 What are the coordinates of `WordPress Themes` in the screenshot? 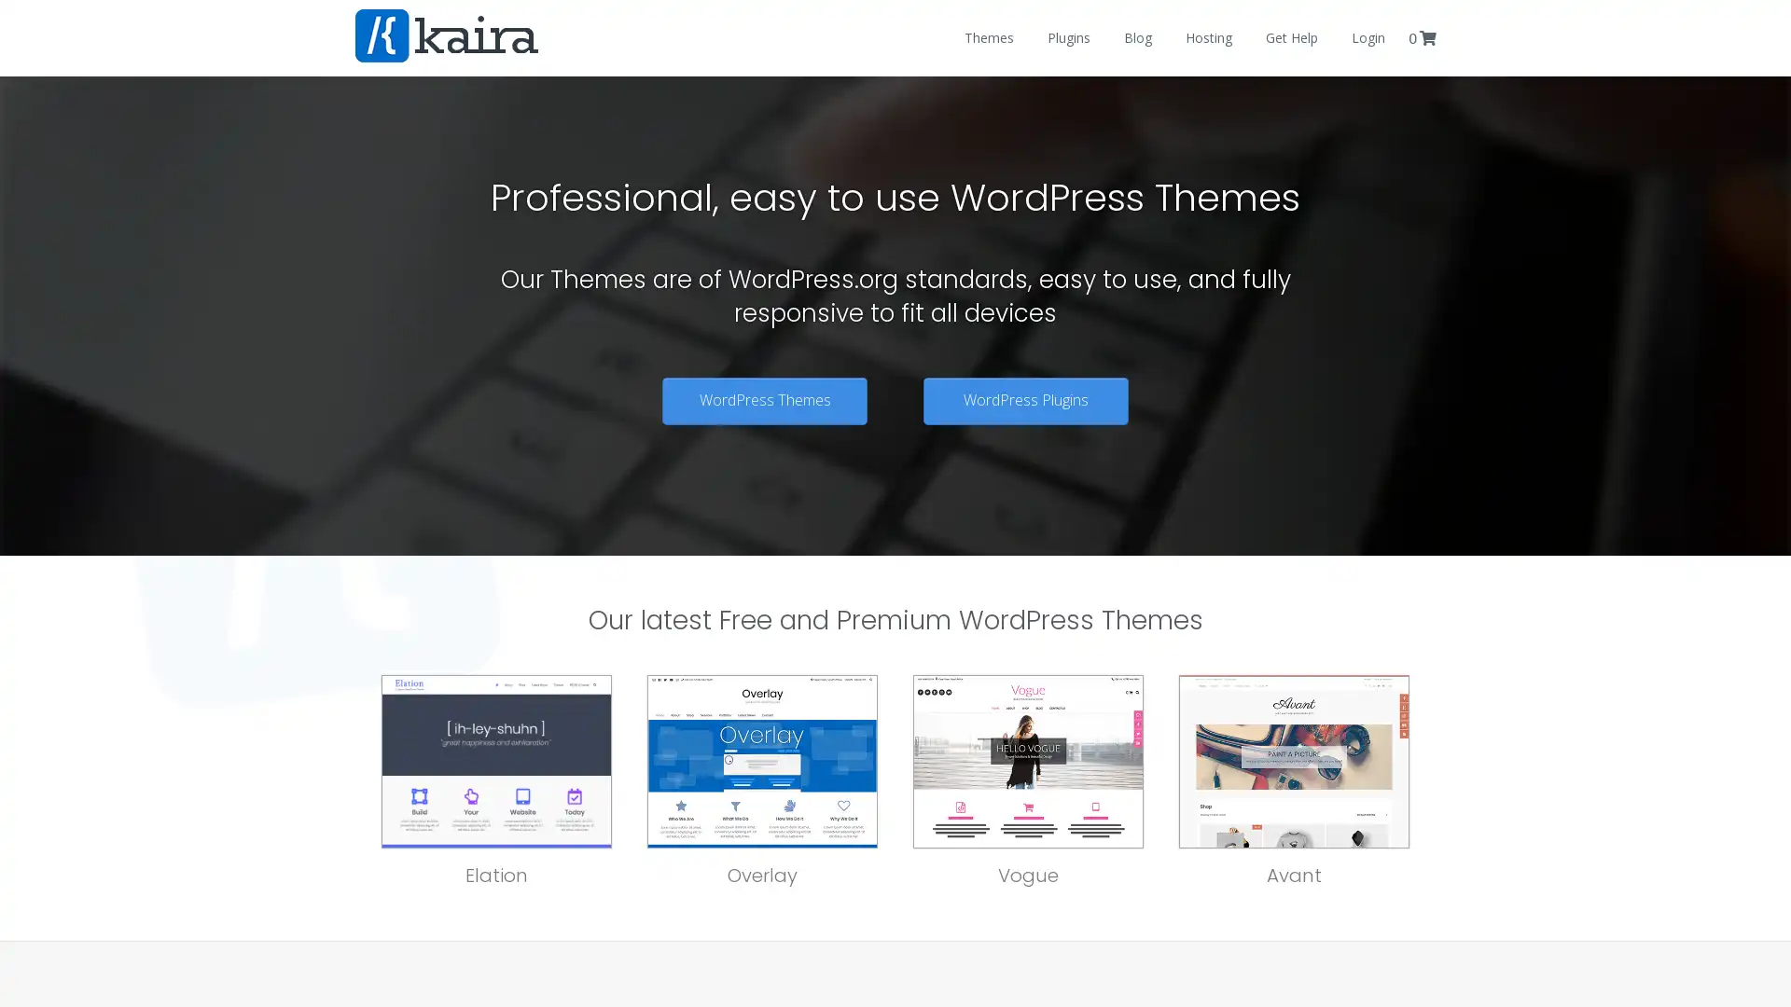 It's located at (765, 399).